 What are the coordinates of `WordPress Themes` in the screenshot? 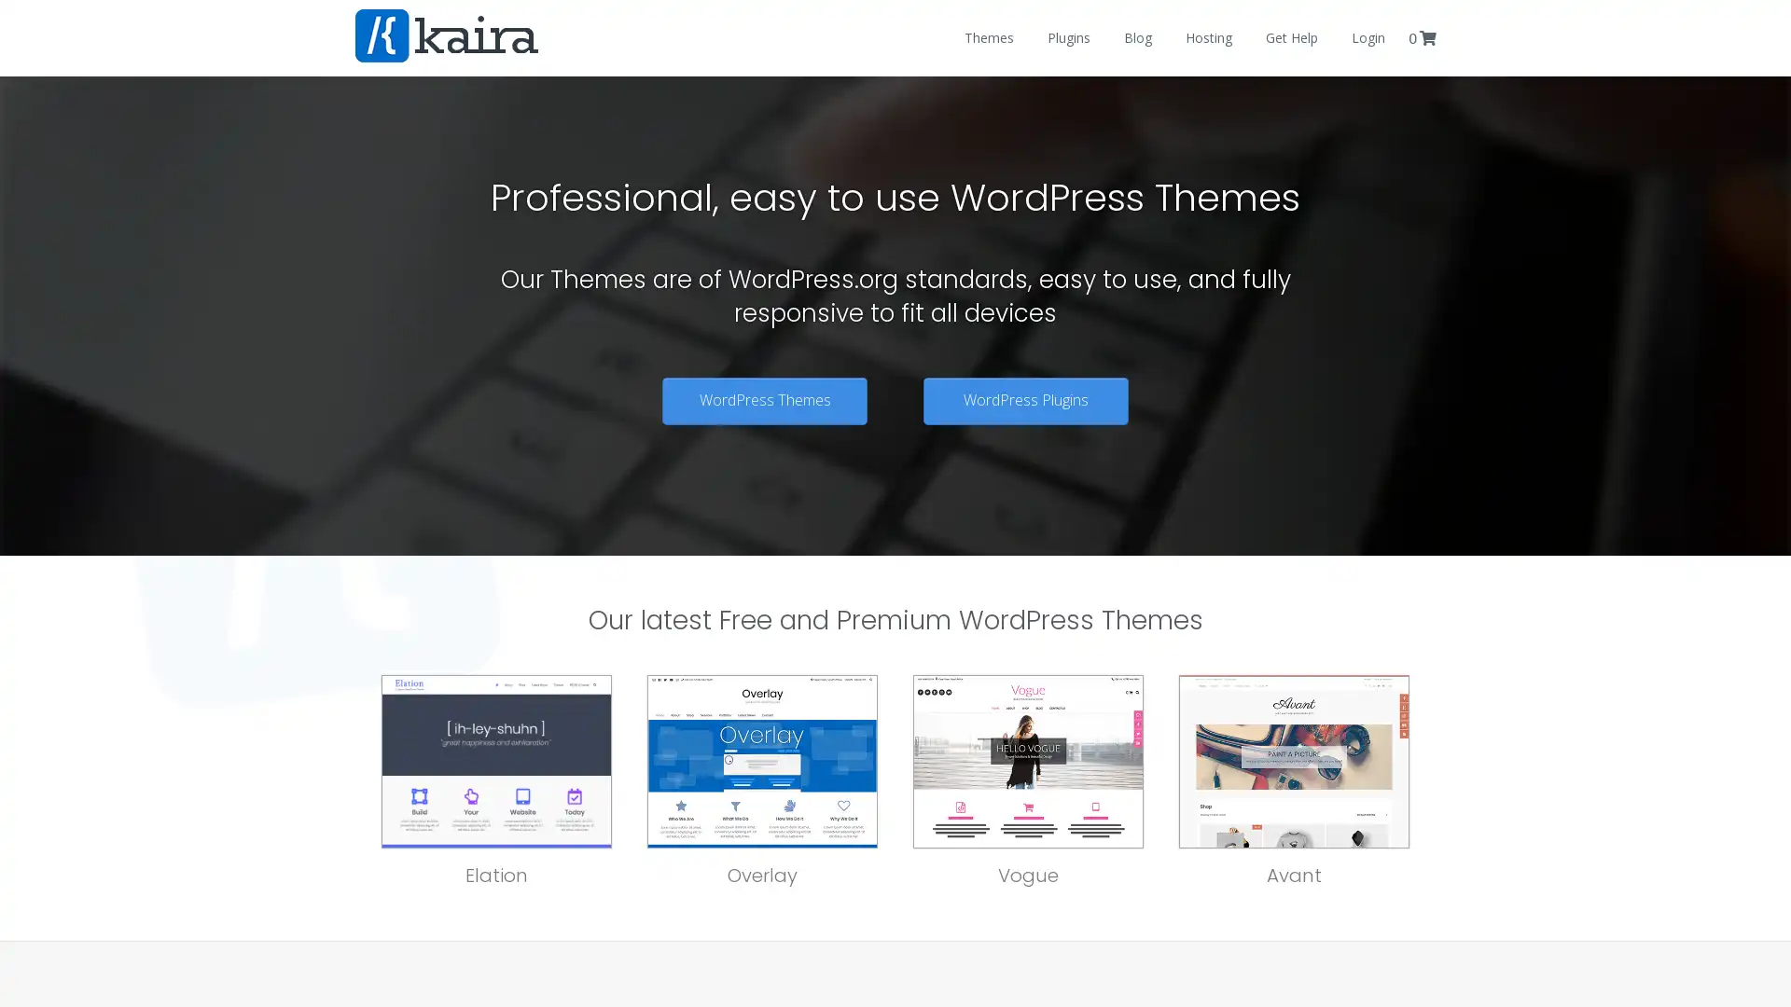 It's located at (765, 399).